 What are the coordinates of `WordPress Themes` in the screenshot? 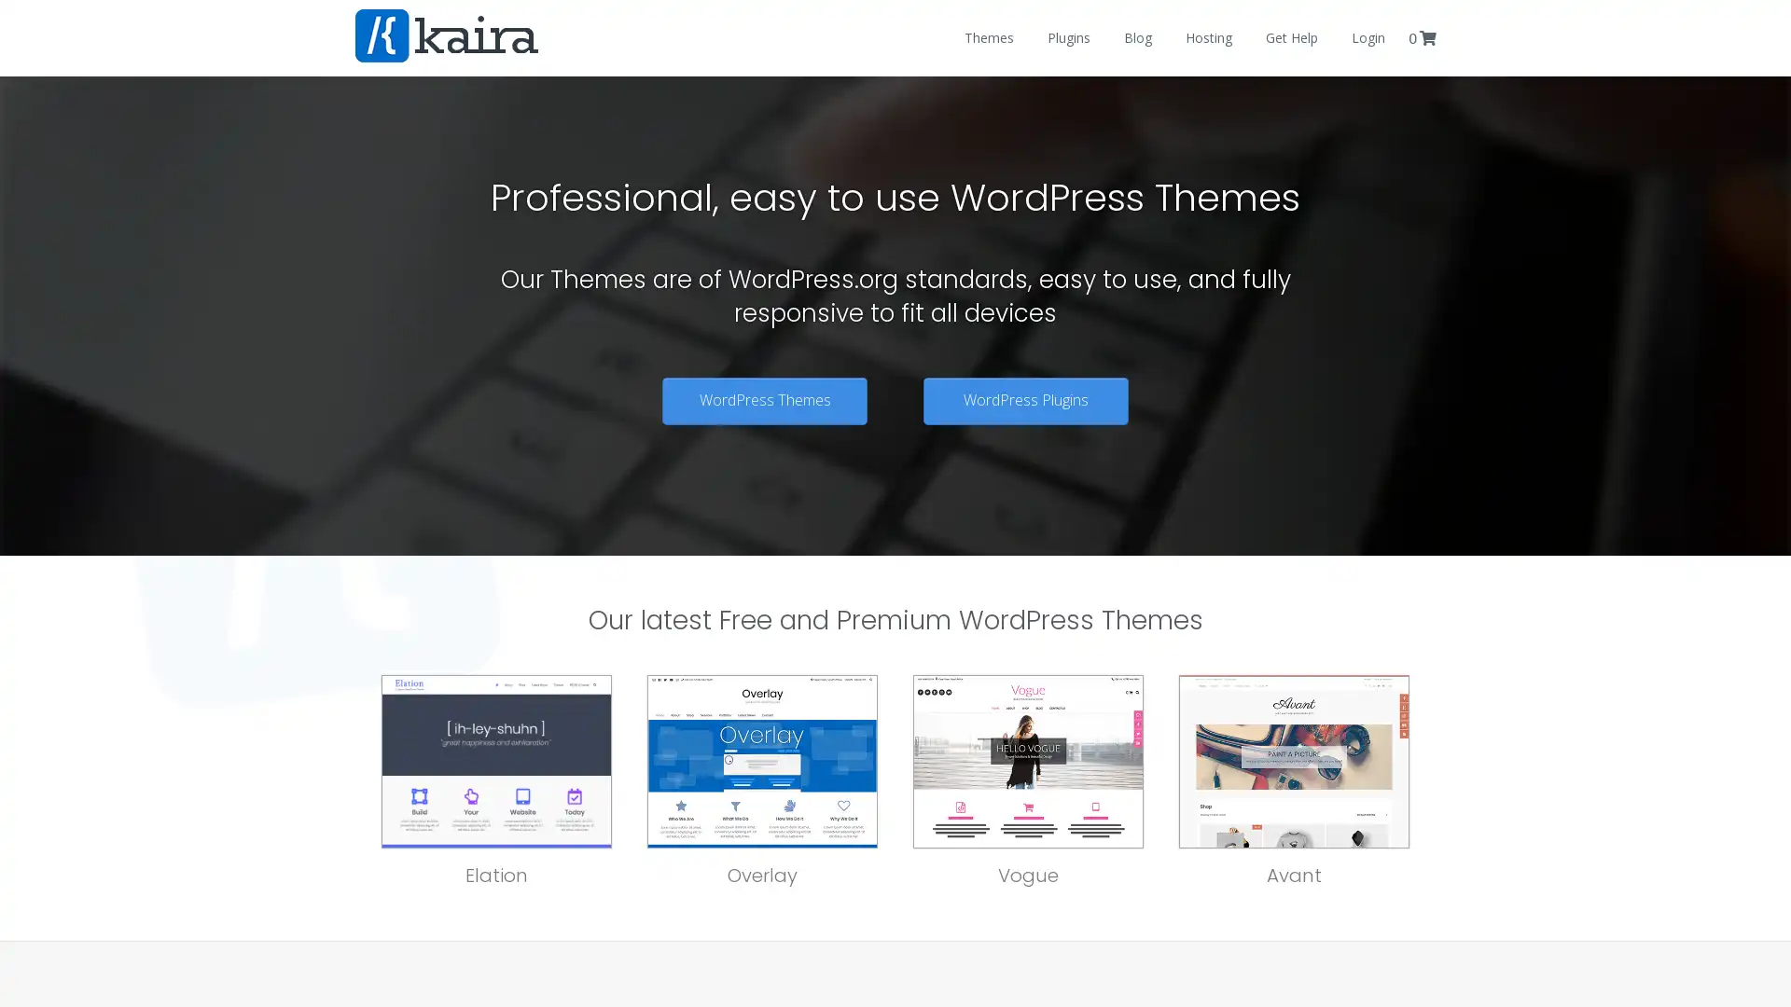 It's located at (765, 399).